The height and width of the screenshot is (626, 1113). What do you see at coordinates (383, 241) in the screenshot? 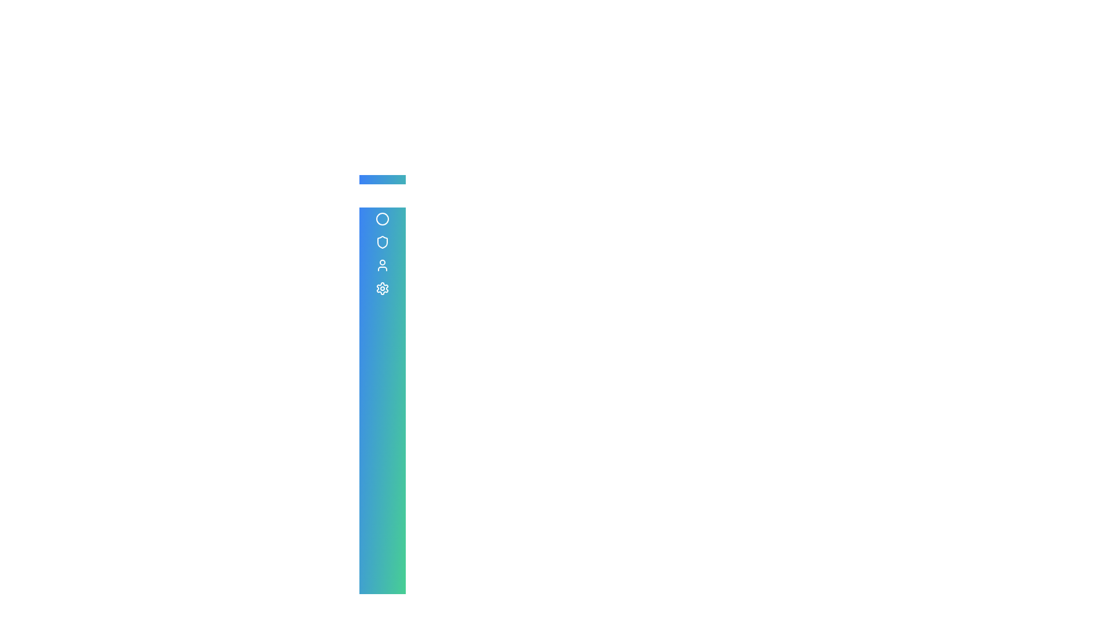
I see `the shield-shaped icon with a gradient blue background, located as the second item in the vertical menu on the left side of the interface` at bounding box center [383, 241].